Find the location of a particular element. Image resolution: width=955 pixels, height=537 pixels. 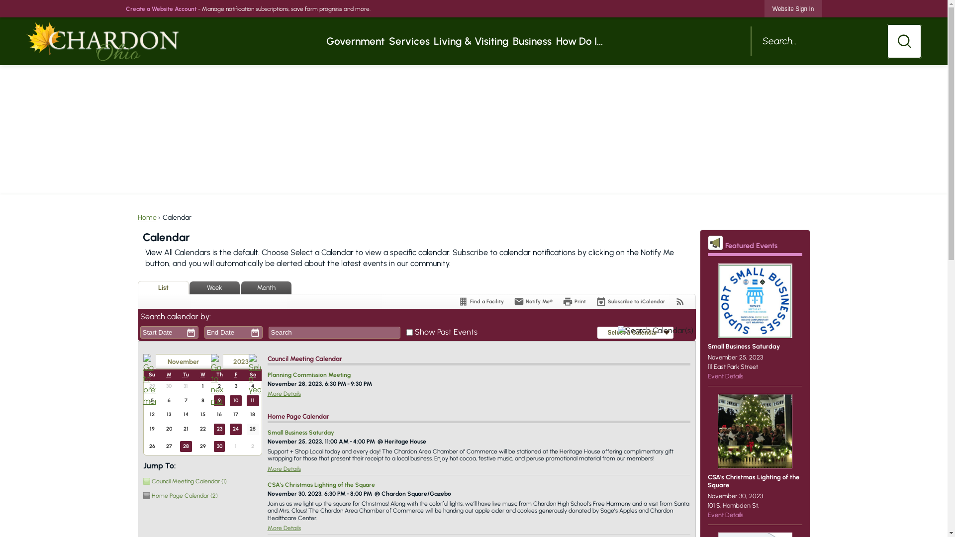

'More Details' is located at coordinates (284, 468).